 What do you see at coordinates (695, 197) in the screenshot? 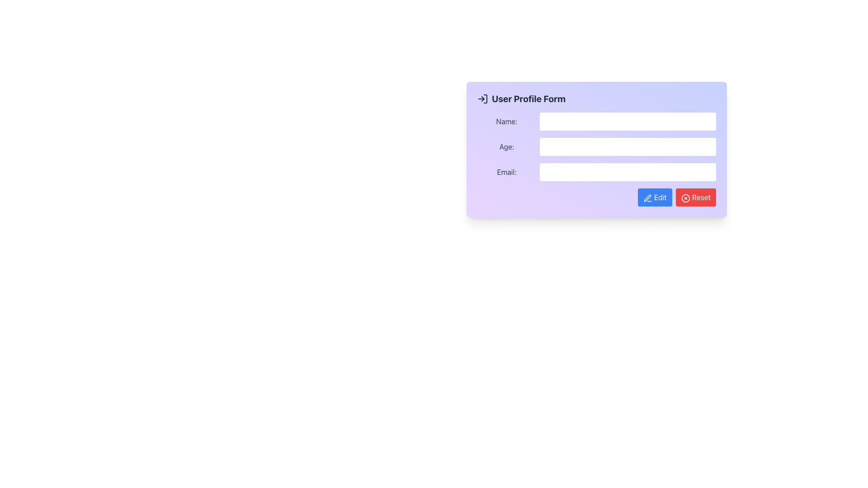
I see `the 'Reset' button located at the bottom-right corner of the form` at bounding box center [695, 197].